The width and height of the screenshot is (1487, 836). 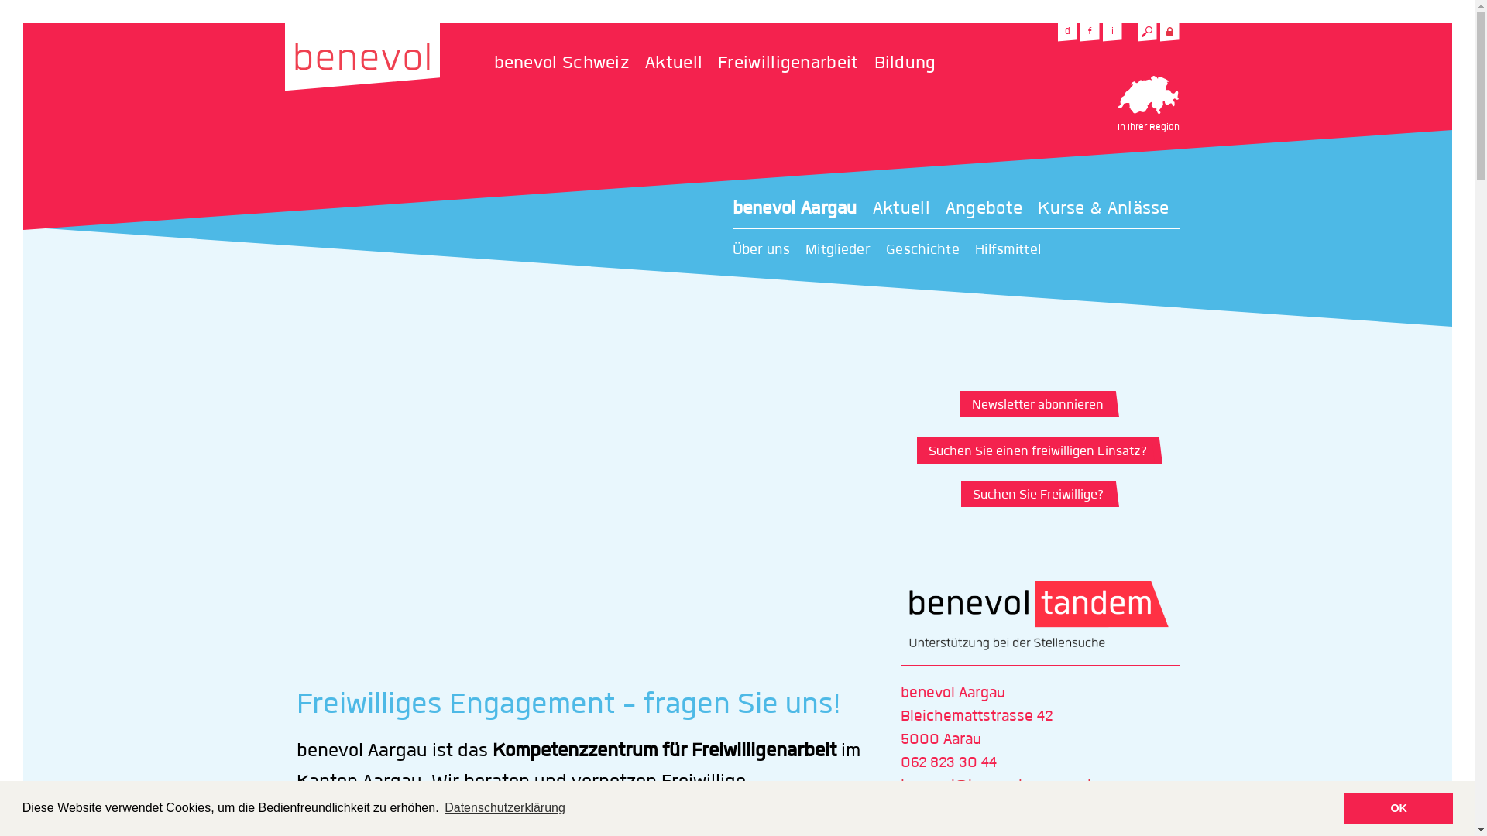 I want to click on 'Benevol', so click(x=285, y=56).